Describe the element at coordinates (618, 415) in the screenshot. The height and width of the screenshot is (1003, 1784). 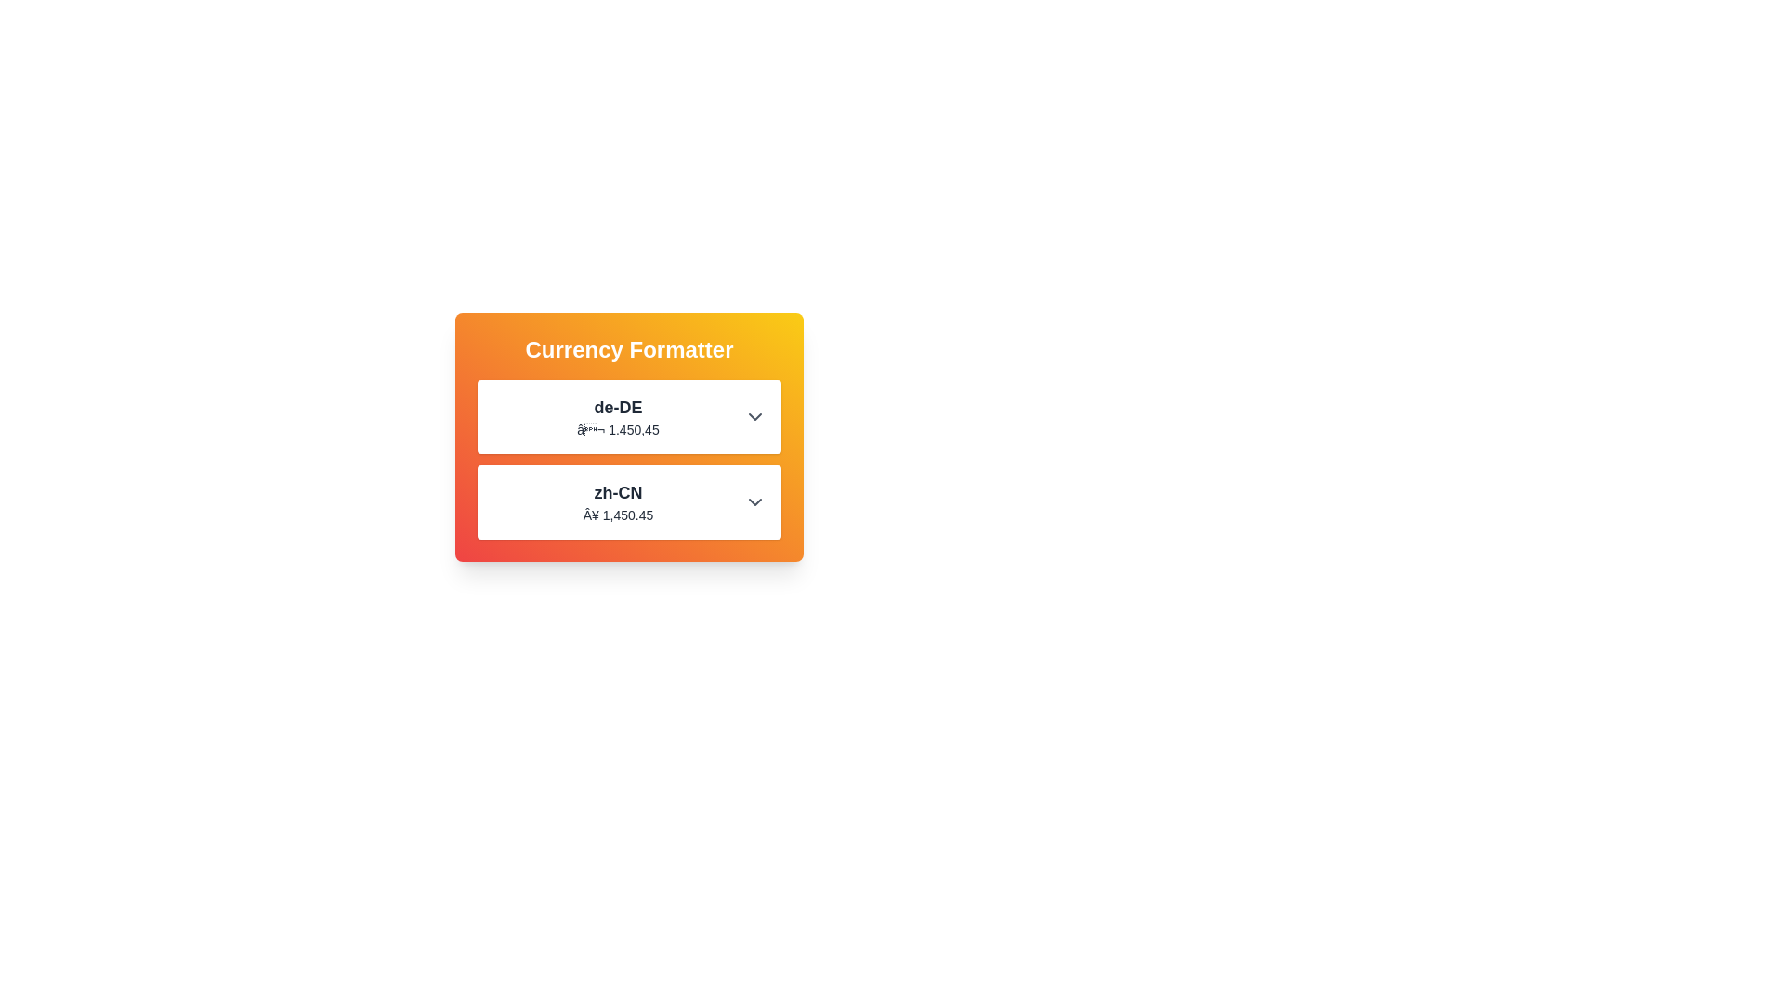
I see `the text-based UI element displaying 'de-DE' in bold and '€ 1.450,45' below it within the 'Currency Formatter' module` at that location.